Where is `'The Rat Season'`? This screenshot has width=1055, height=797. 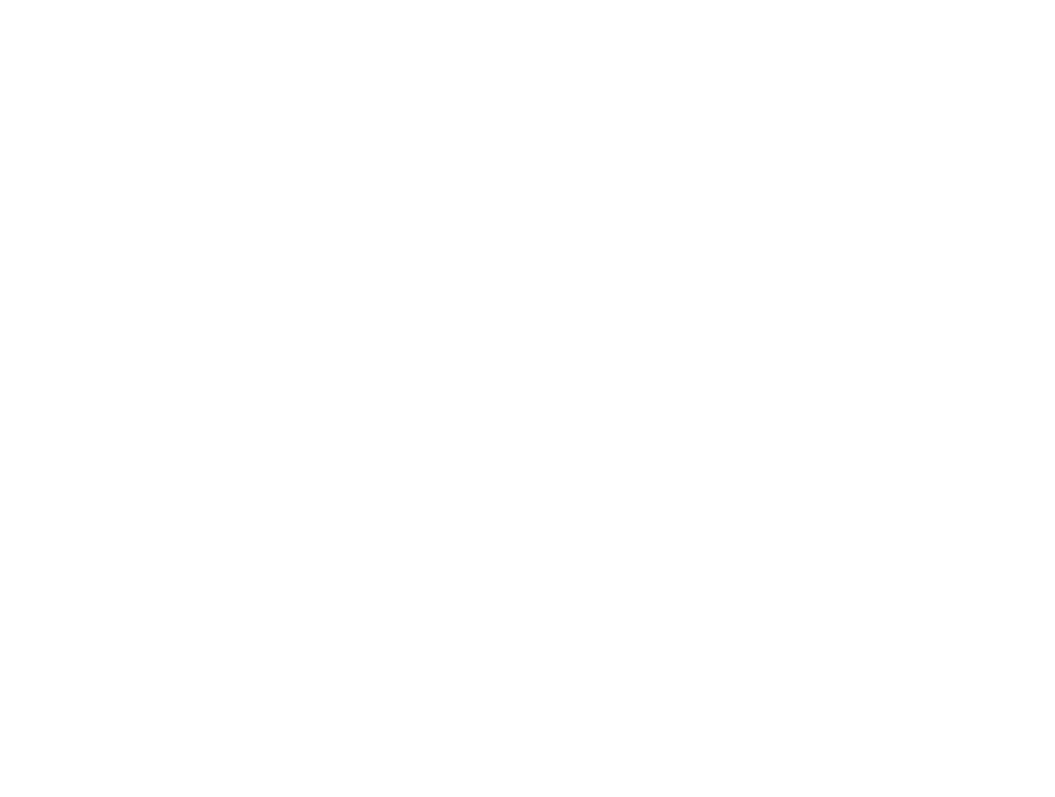 'The Rat Season' is located at coordinates (575, 214).